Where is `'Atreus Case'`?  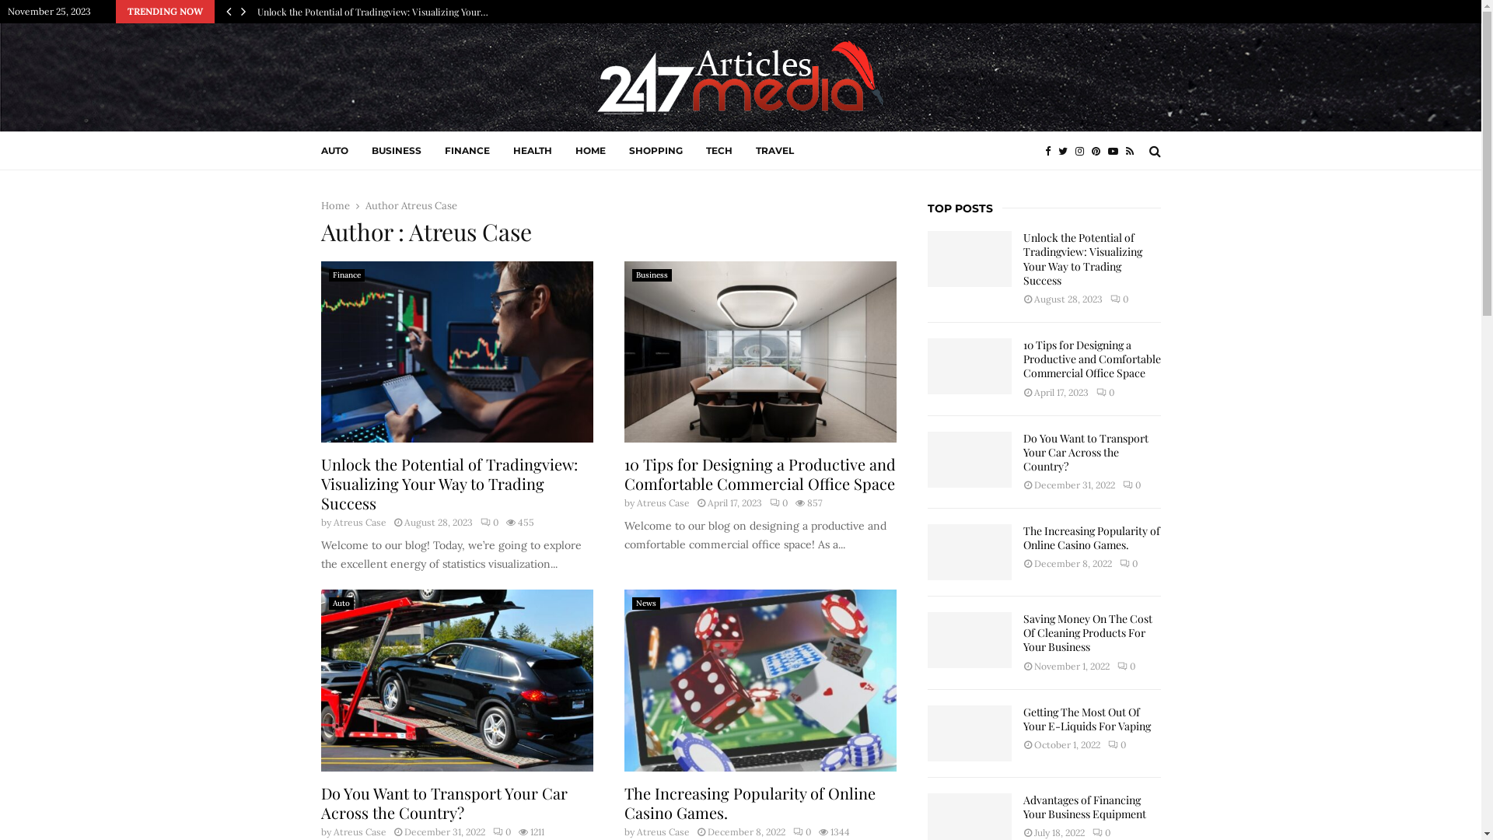
'Atreus Case' is located at coordinates (635, 502).